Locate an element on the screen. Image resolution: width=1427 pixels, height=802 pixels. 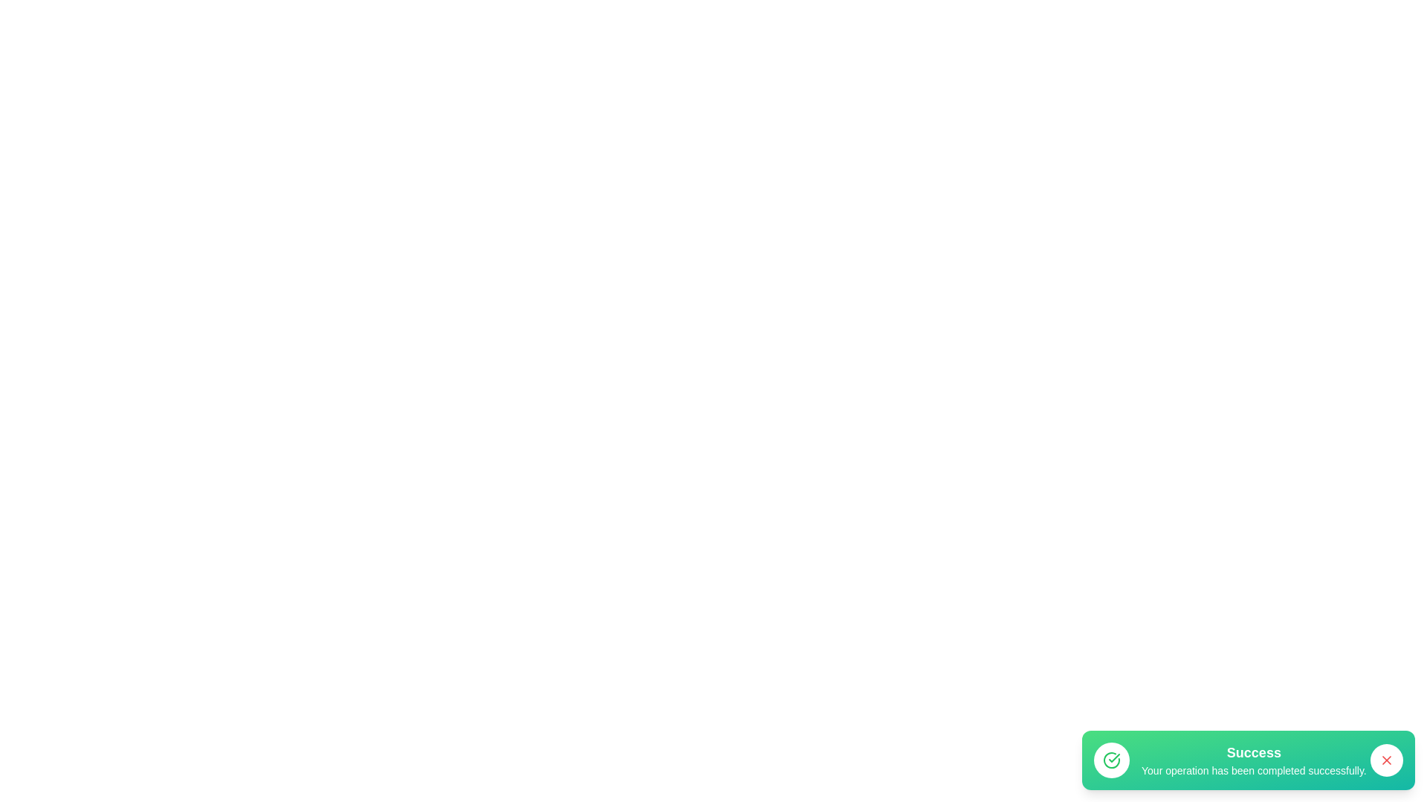
the close button of the snackbar to close it is located at coordinates (1386, 760).